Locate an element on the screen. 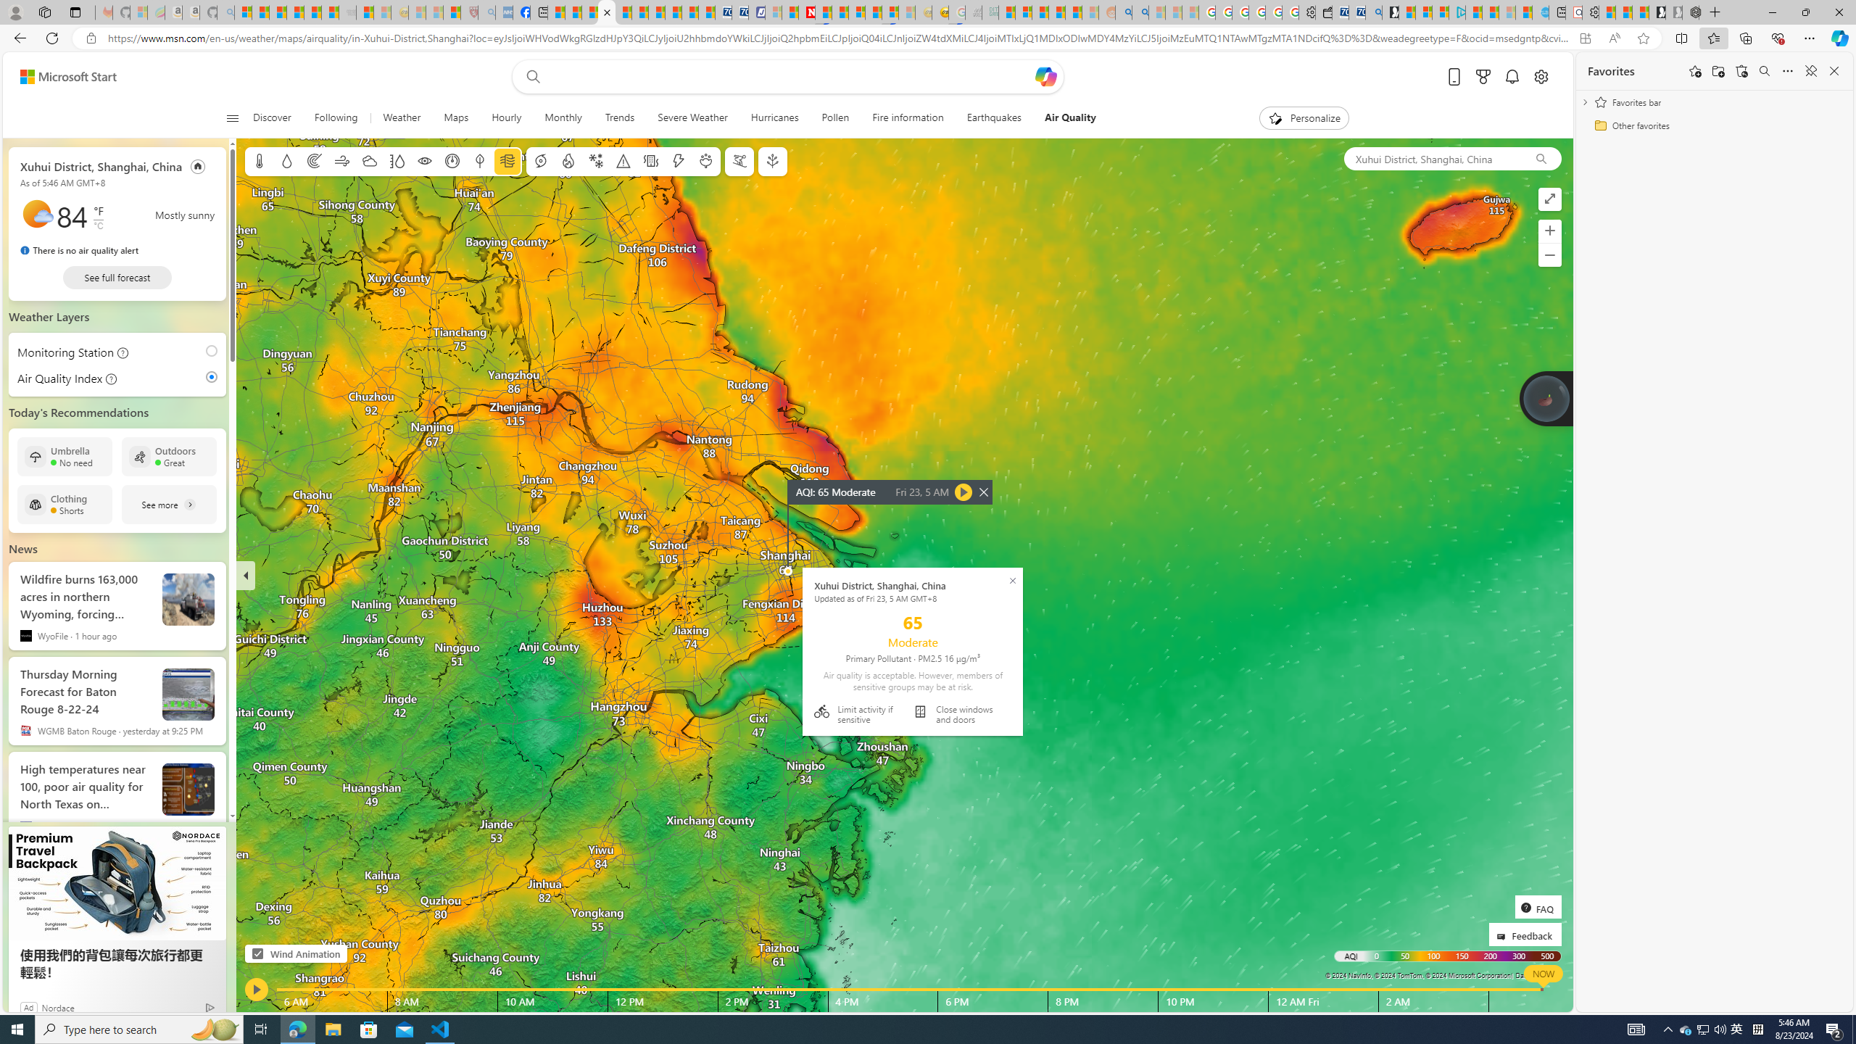  'Class: button-glyph' is located at coordinates (233, 117).